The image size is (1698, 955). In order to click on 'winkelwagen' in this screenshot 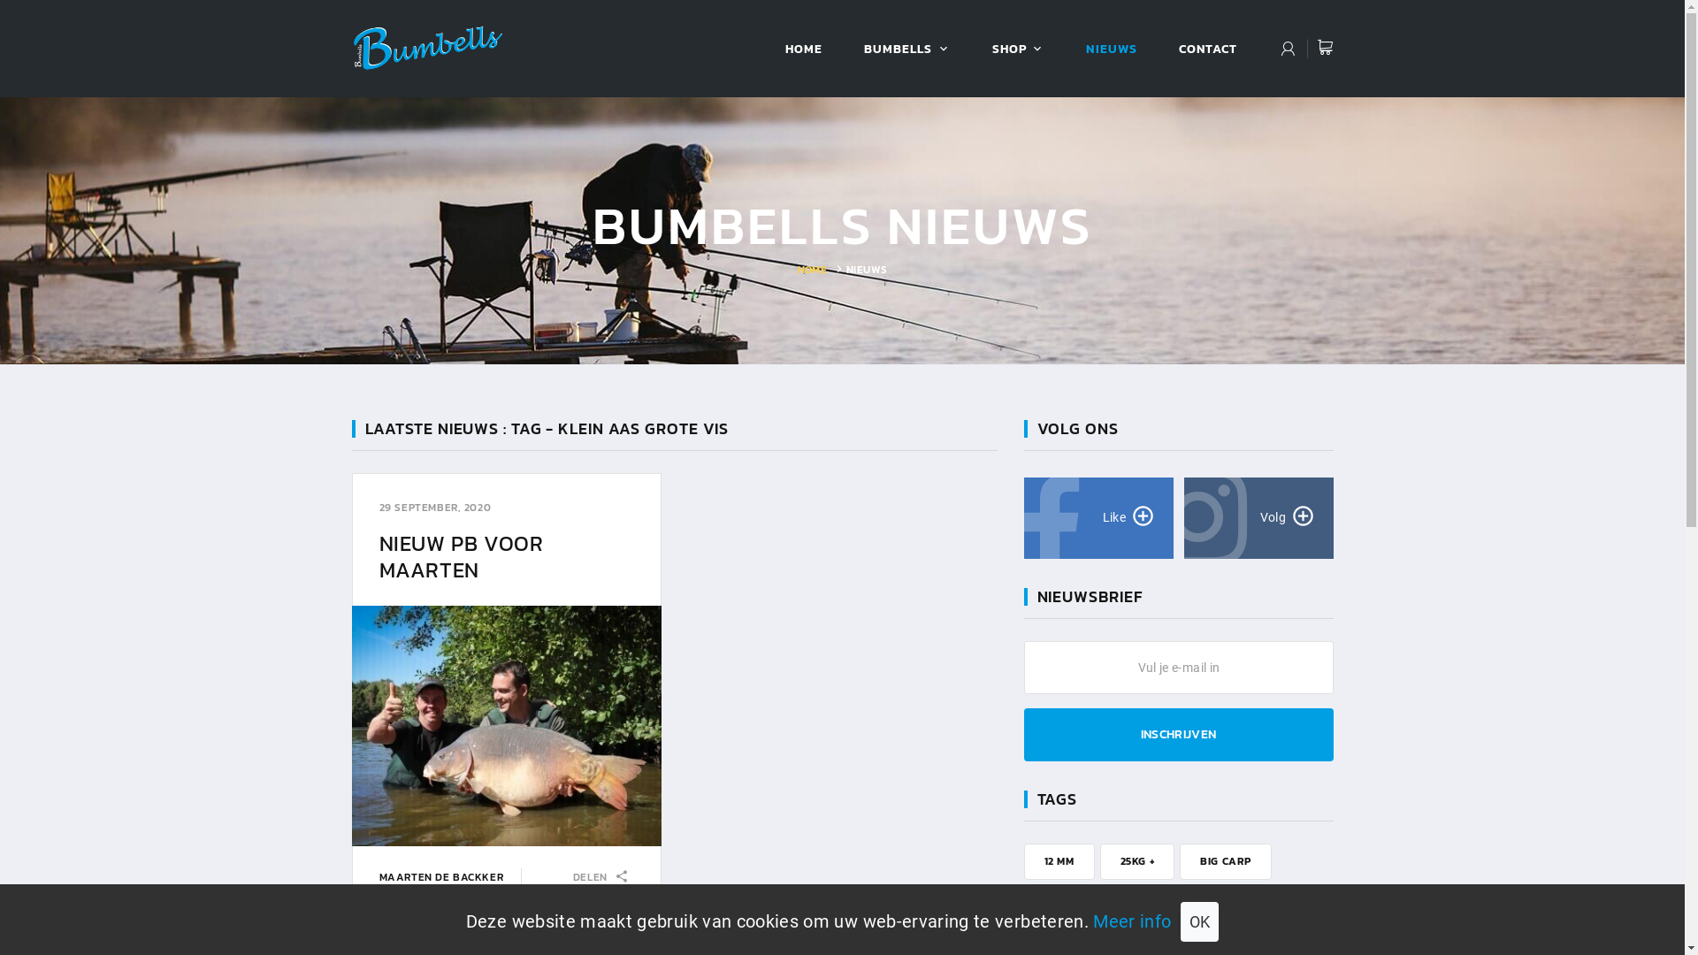, I will do `click(1324, 47)`.